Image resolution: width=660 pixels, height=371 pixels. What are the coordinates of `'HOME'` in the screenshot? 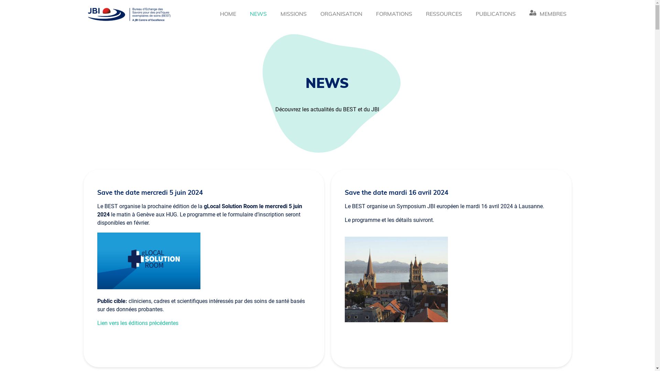 It's located at (228, 14).